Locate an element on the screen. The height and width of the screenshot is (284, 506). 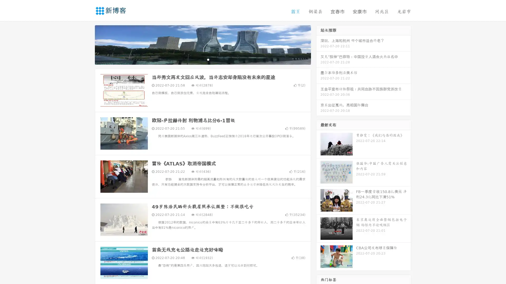
Next slide is located at coordinates (318, 44).